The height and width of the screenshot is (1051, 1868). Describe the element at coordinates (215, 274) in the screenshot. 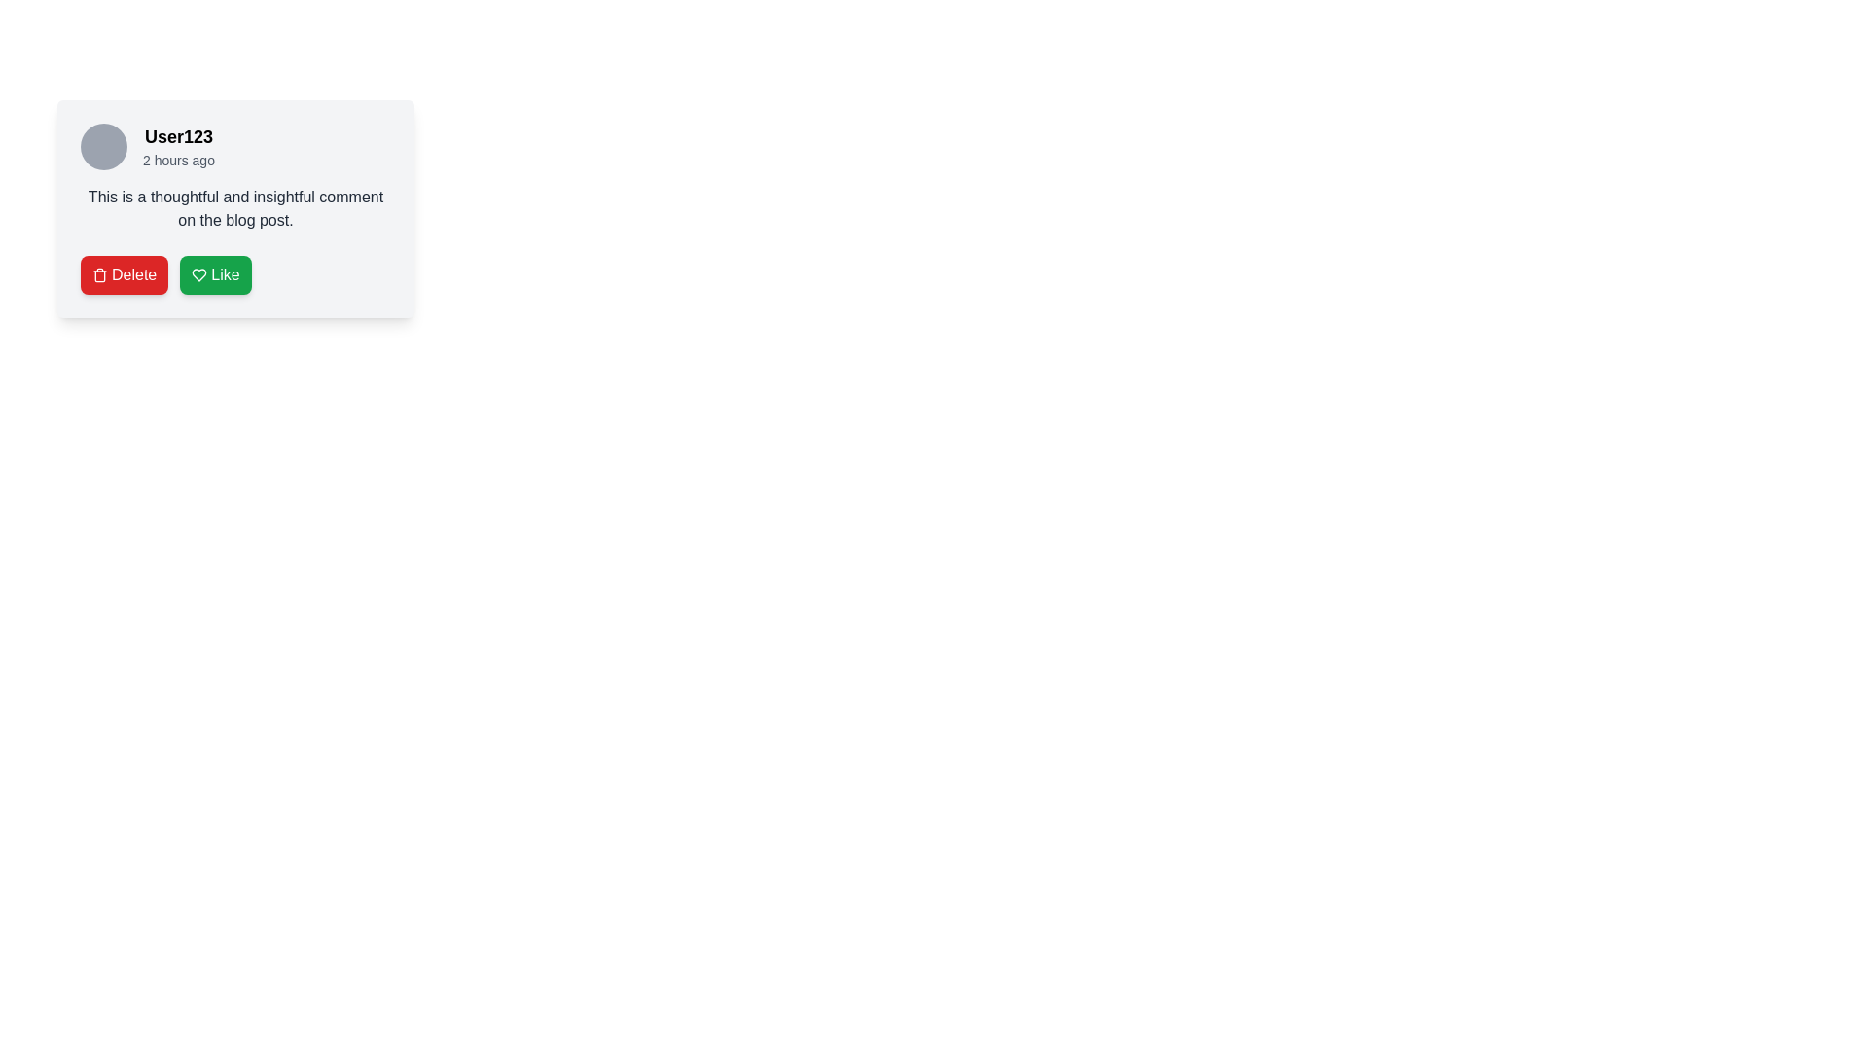

I see `the second button that indicates a 'Like' interaction for the associated comment` at that location.